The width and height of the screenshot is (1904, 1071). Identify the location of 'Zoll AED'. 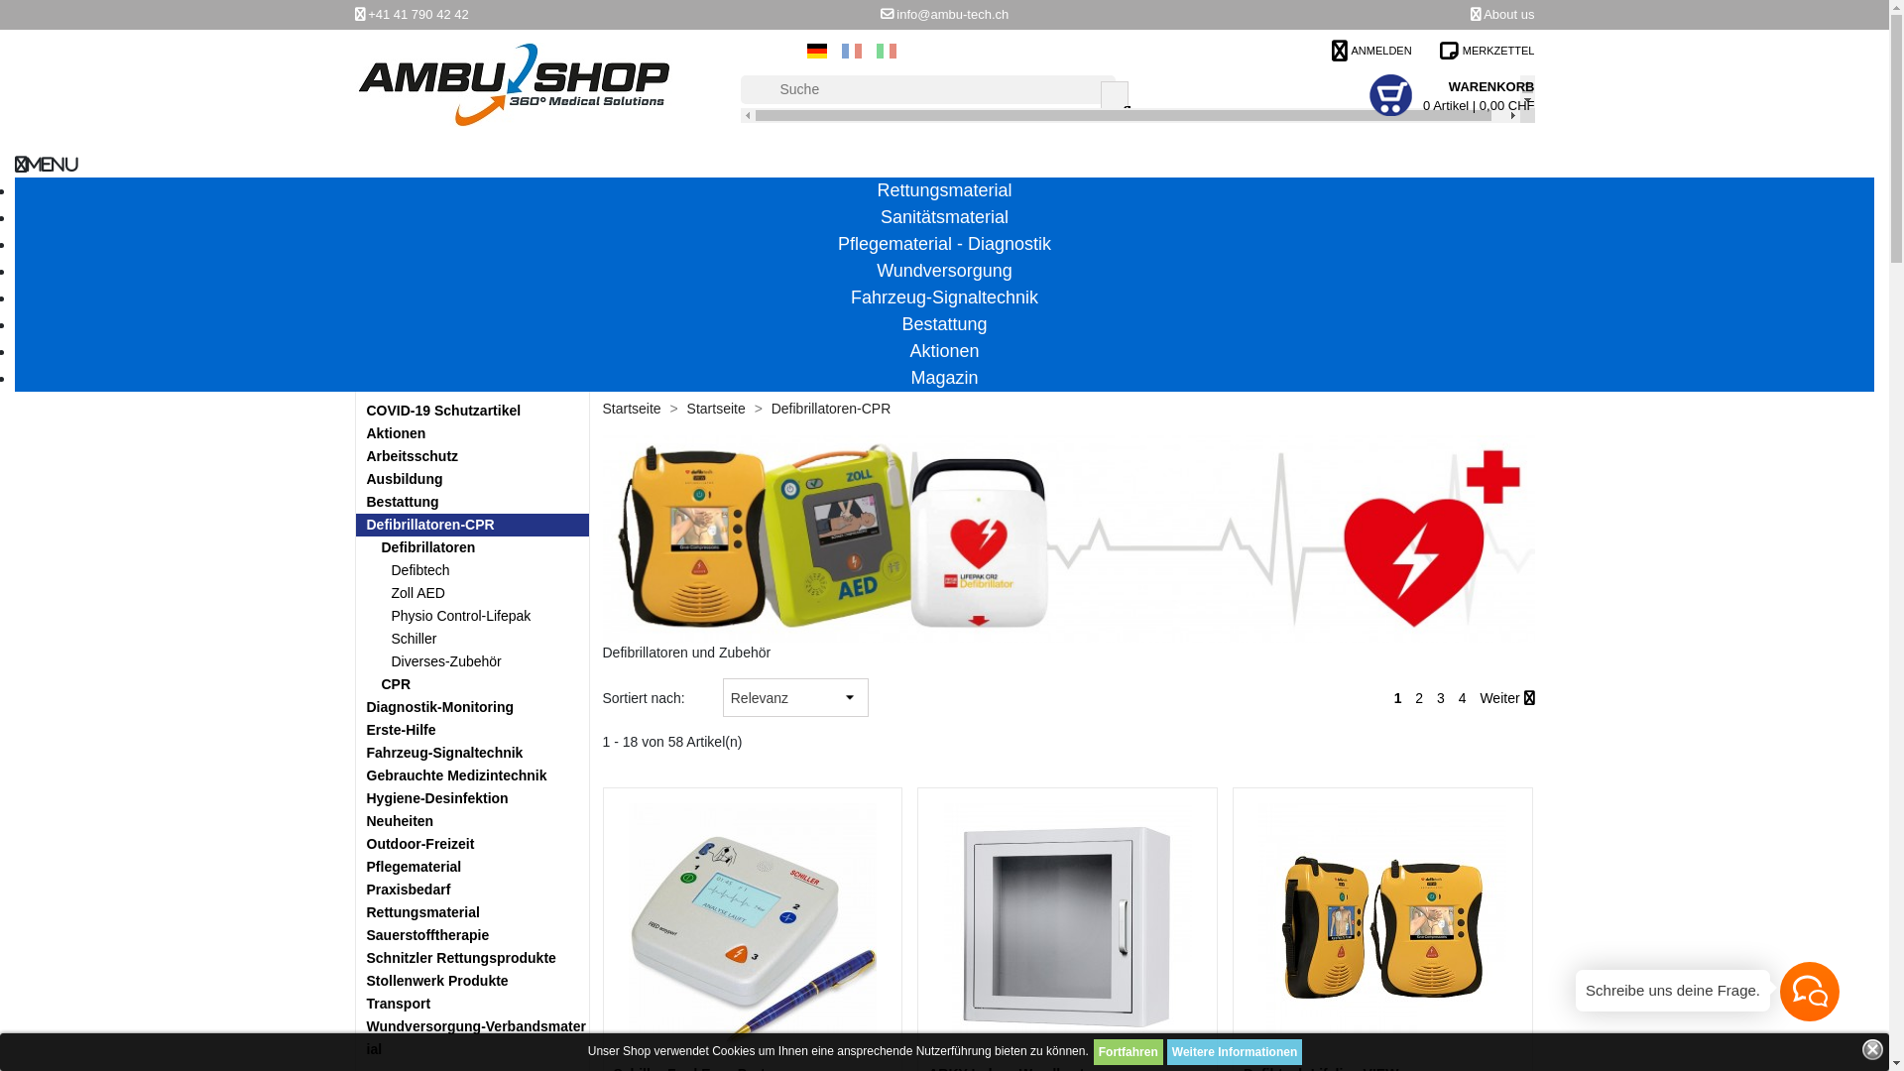
(470, 591).